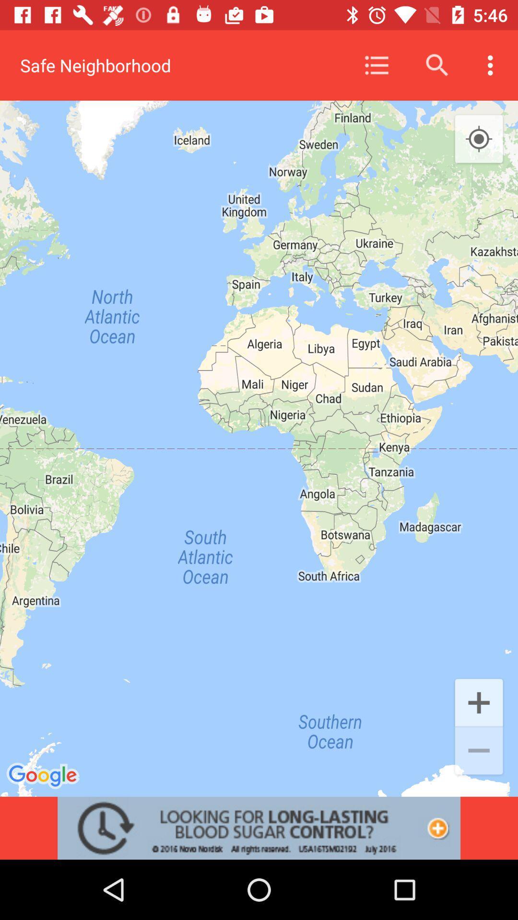 Image resolution: width=518 pixels, height=920 pixels. Describe the element at coordinates (259, 828) in the screenshot. I see `open advertisement` at that location.